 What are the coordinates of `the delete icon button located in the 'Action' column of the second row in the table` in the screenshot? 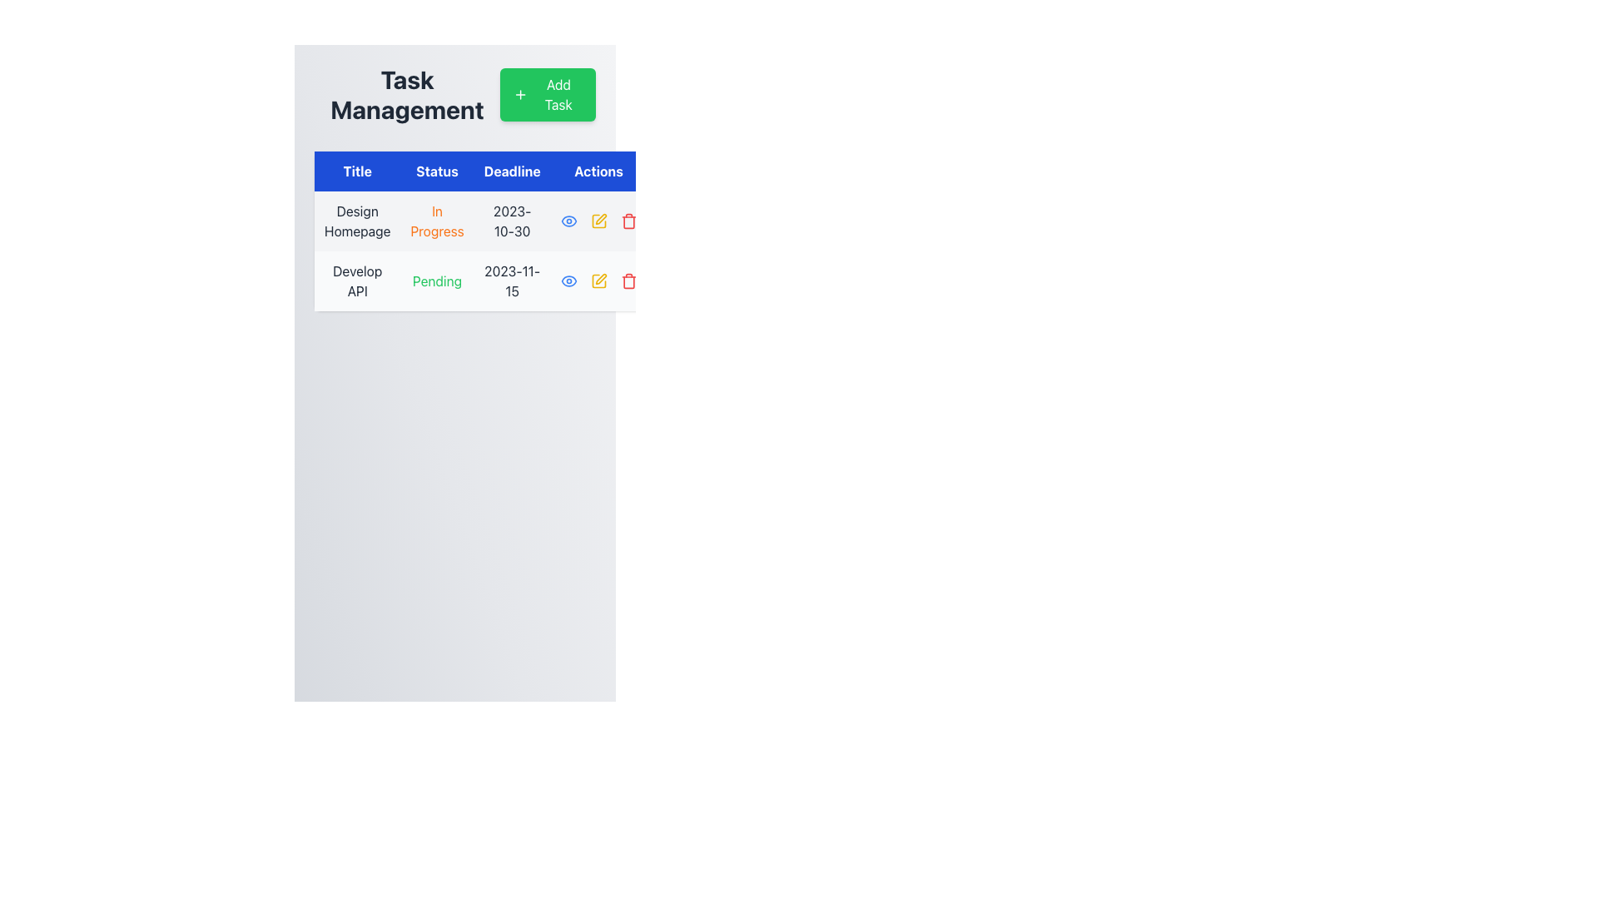 It's located at (628, 281).